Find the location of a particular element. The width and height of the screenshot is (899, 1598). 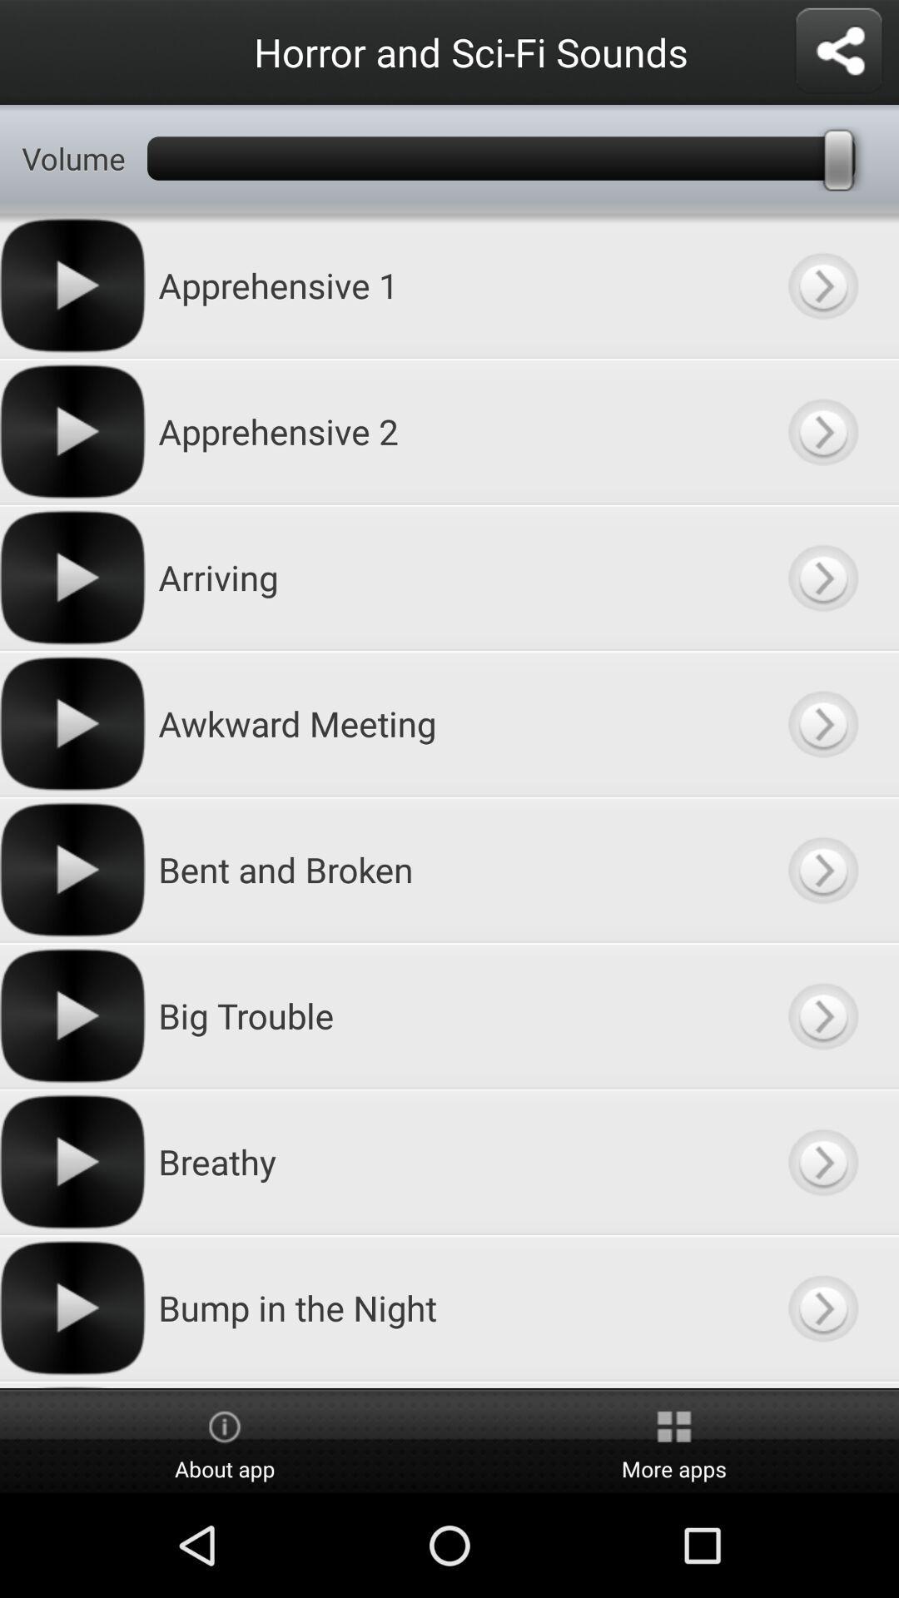

scroll is located at coordinates (822, 1384).